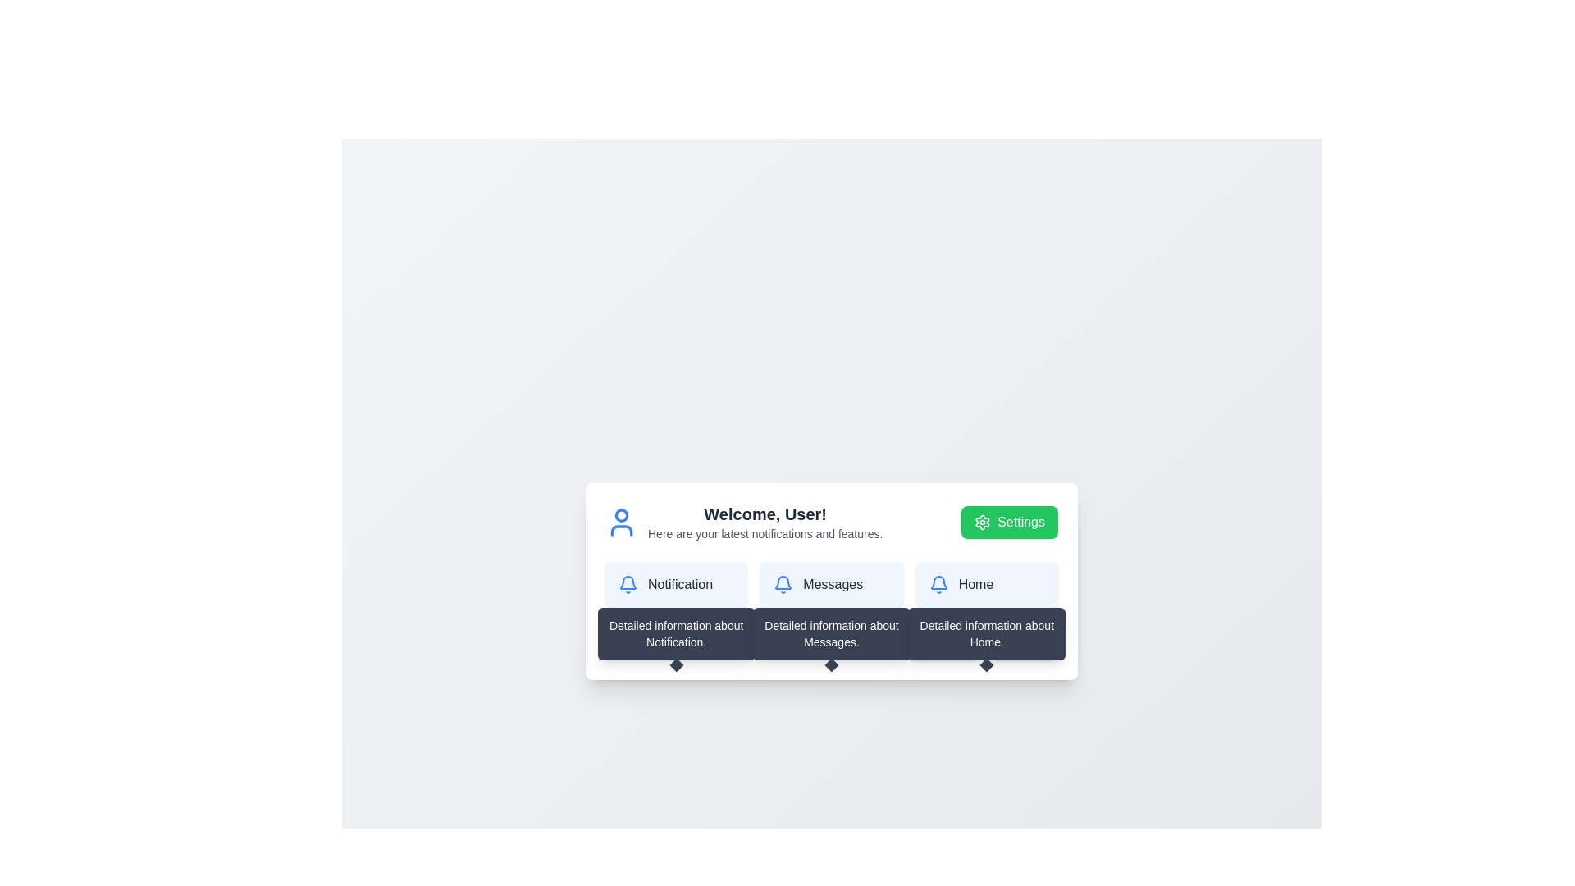  What do you see at coordinates (680, 584) in the screenshot?
I see `the text label displaying 'Notification' in dark gray, located in the left section of a horizontal group, adjacent to a bell icon` at bounding box center [680, 584].